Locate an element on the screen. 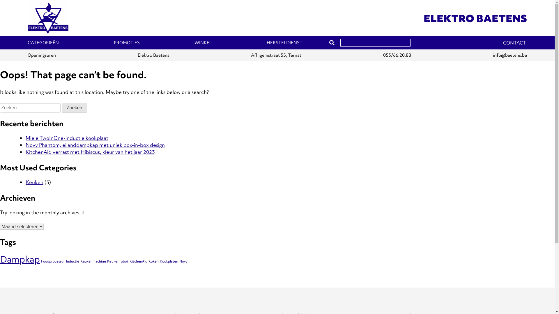  'Miele TwoInOne-inductie kookplaat' is located at coordinates (67, 138).